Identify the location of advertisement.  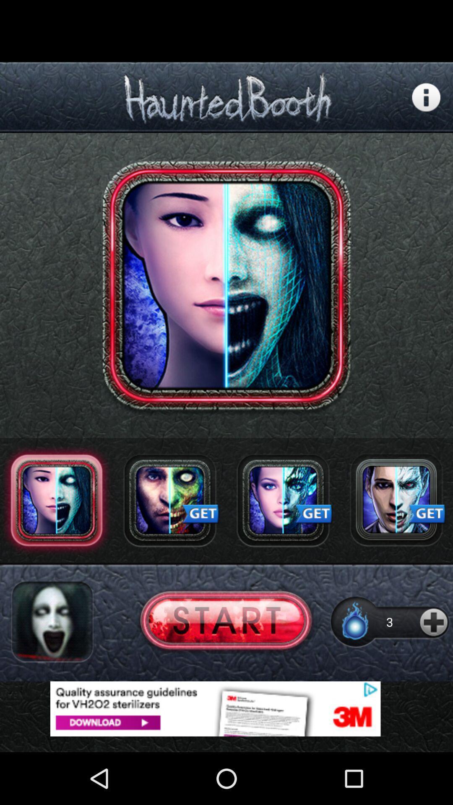
(226, 708).